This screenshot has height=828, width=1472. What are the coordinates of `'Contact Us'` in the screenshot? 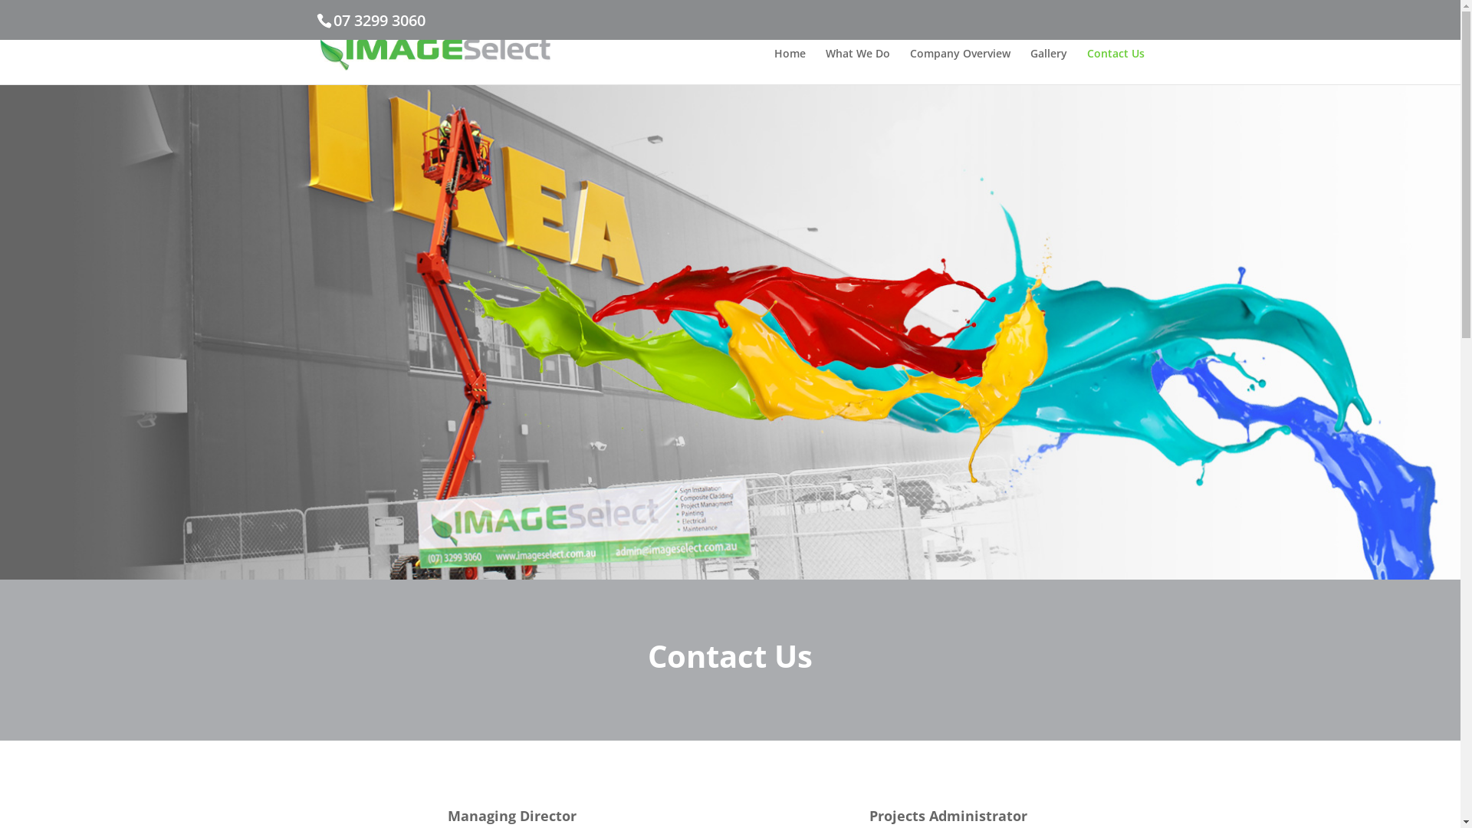 It's located at (1086, 65).